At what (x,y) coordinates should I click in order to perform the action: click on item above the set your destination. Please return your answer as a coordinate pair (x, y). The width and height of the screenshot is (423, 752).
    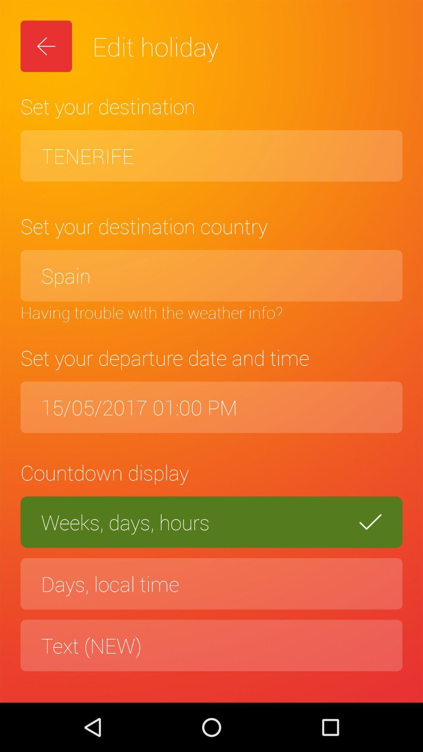
    Looking at the image, I should click on (211, 155).